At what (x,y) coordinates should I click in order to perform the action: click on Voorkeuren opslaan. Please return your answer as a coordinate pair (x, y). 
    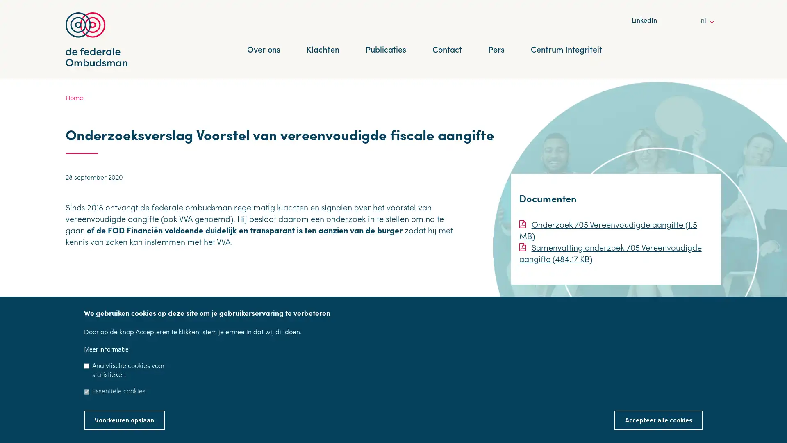
    Looking at the image, I should click on (124, 420).